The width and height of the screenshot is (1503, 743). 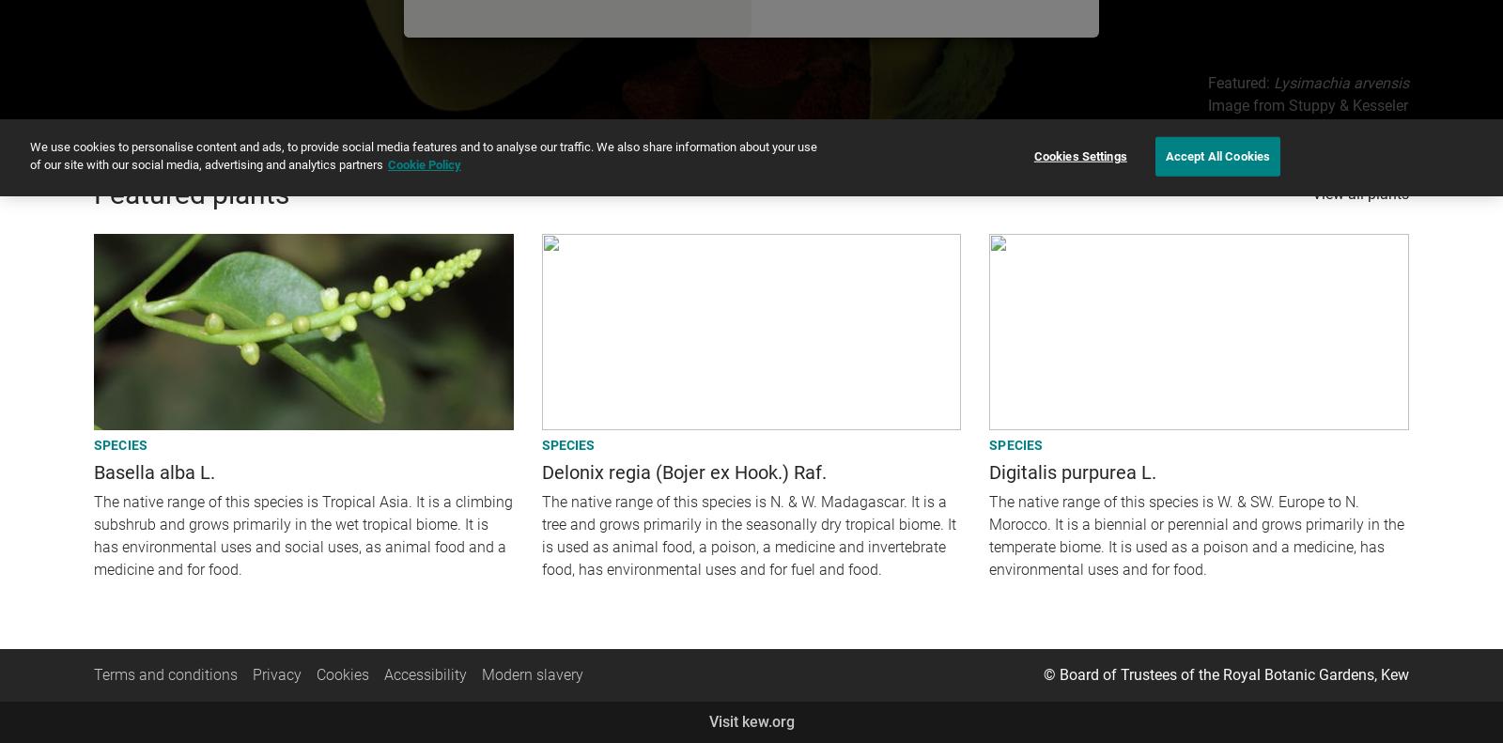 What do you see at coordinates (164, 673) in the screenshot?
I see `'Terms and conditions'` at bounding box center [164, 673].